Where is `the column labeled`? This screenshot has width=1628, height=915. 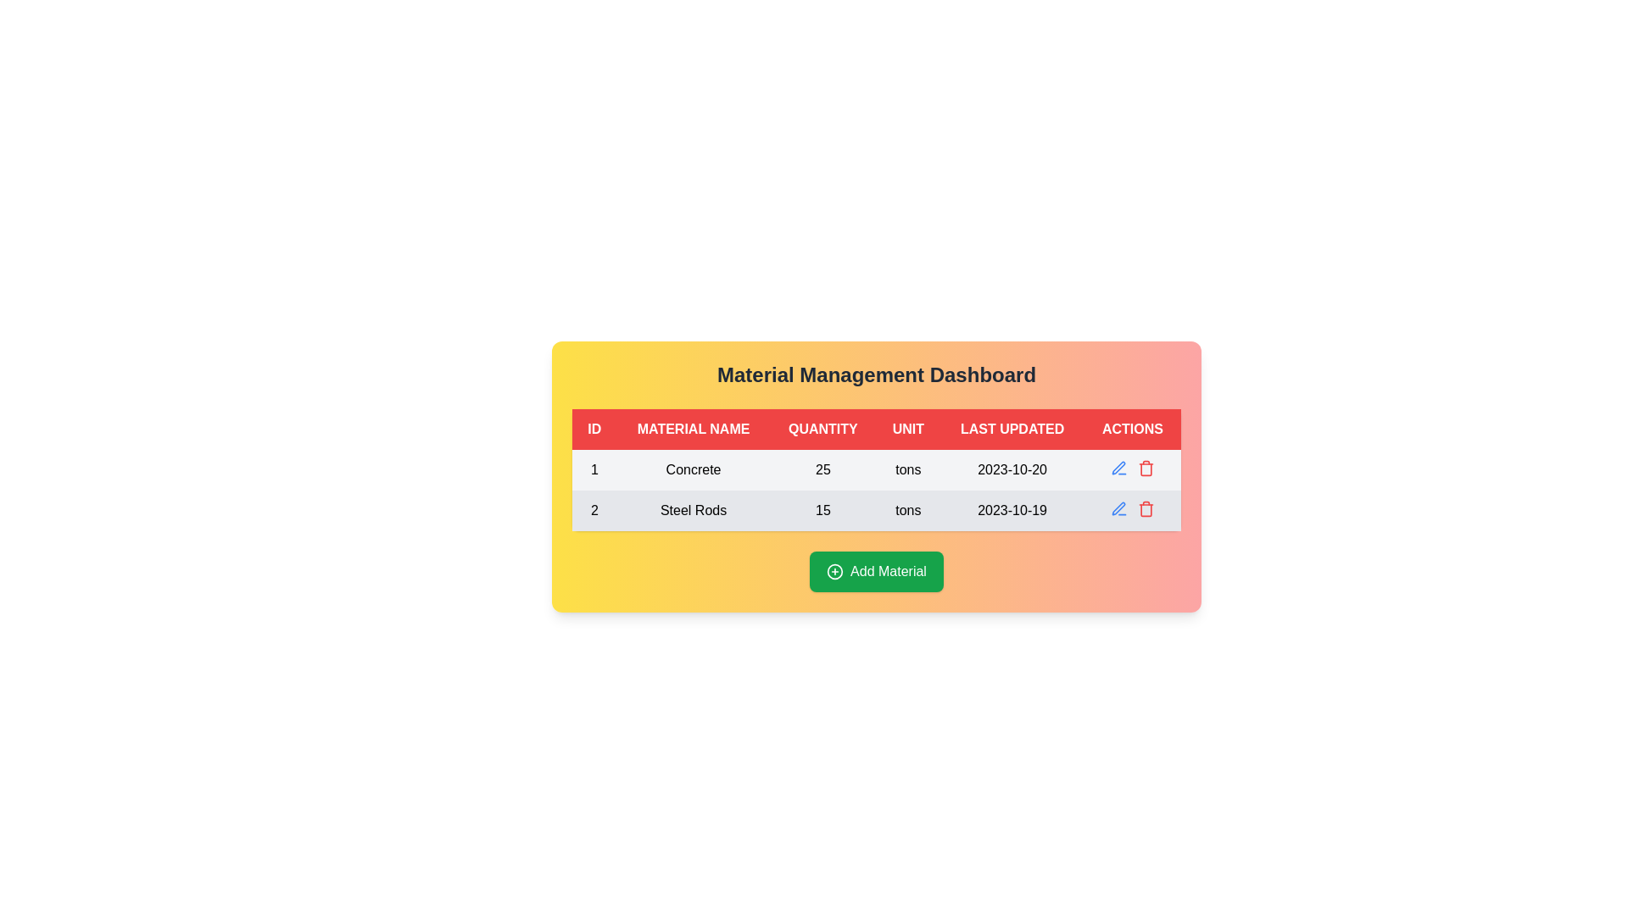
the column labeled is located at coordinates (907, 428).